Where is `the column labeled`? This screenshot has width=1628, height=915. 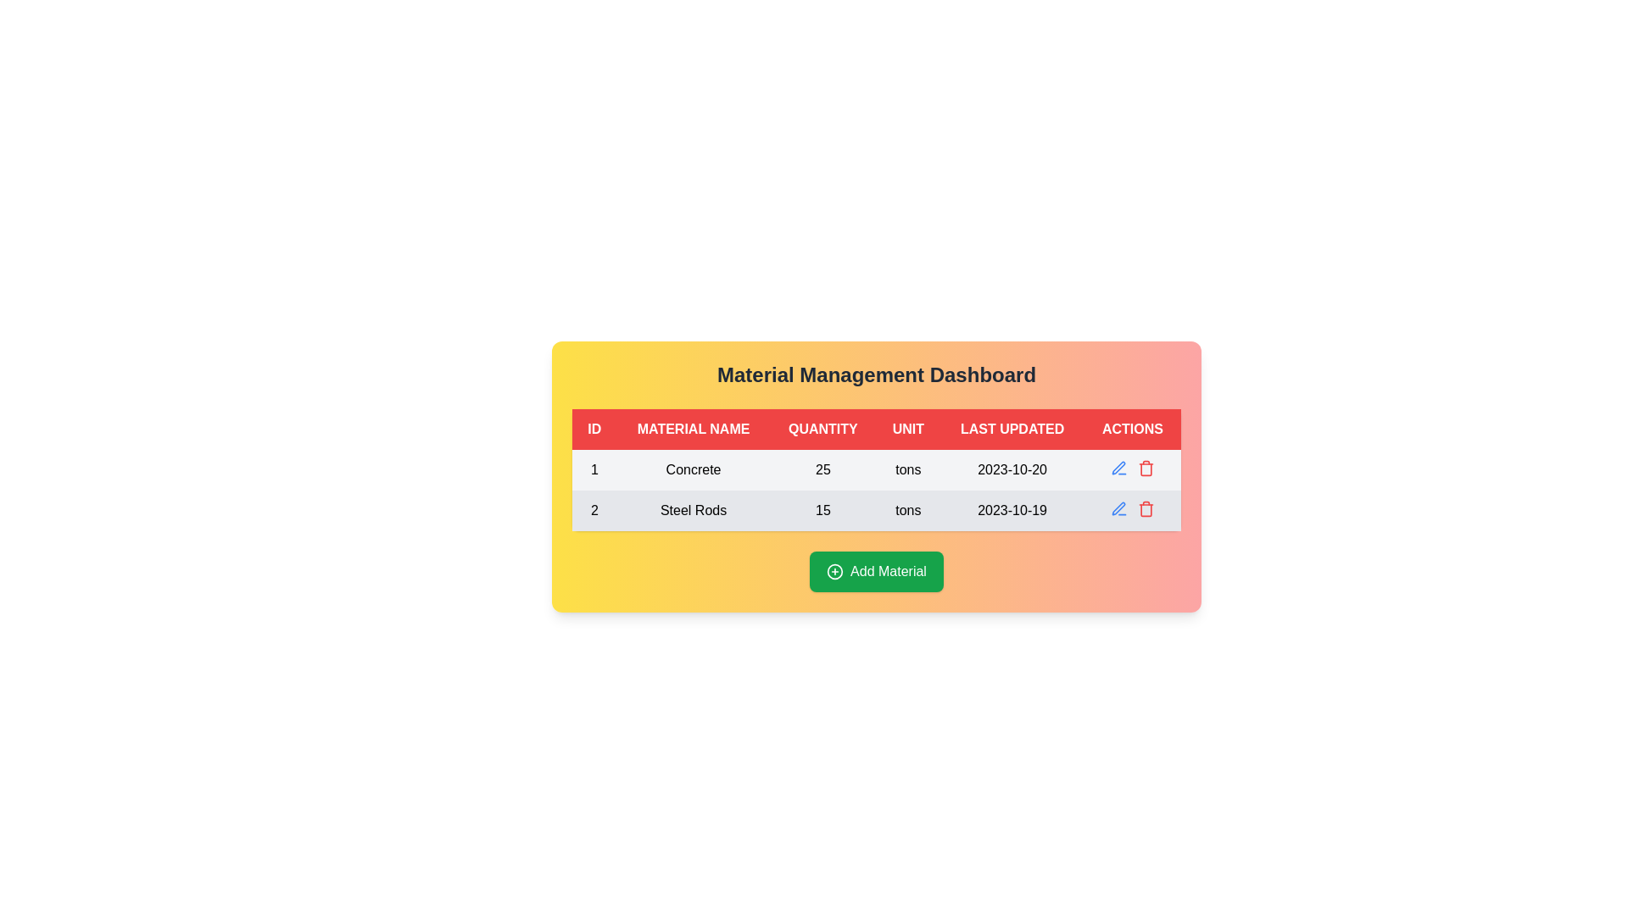
the column labeled is located at coordinates (907, 428).